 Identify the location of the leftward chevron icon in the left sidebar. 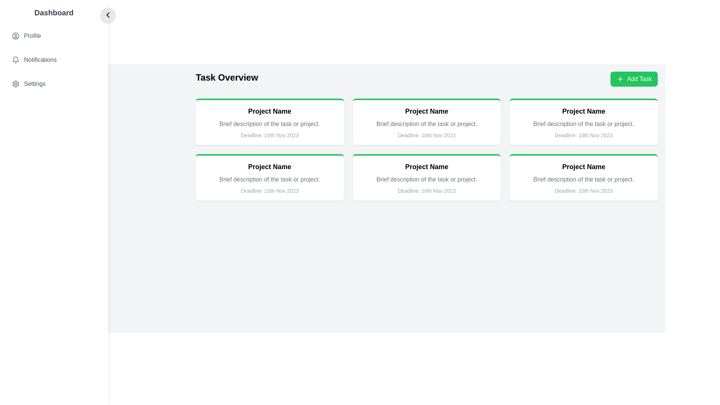
(108, 15).